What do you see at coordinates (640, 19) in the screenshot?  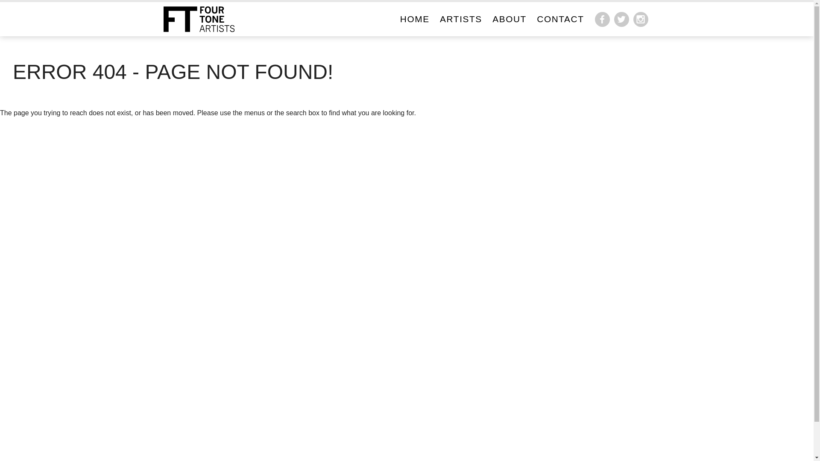 I see `'Click to visit: Instagram'` at bounding box center [640, 19].